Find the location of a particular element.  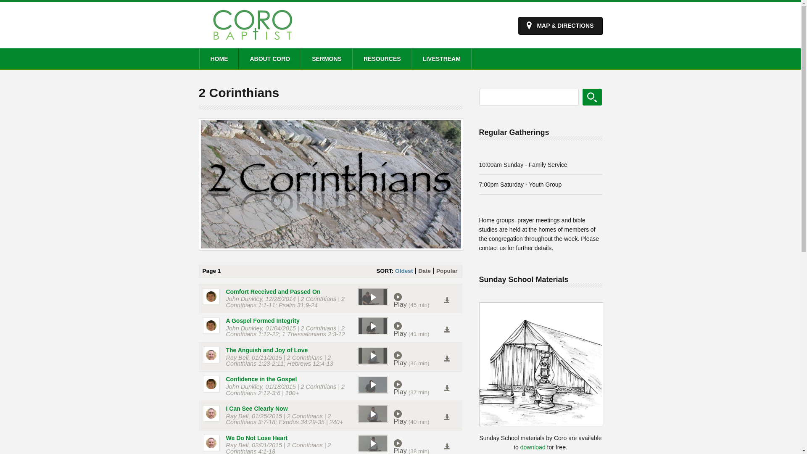

'Confidence in the Gospel' is located at coordinates (261, 379).